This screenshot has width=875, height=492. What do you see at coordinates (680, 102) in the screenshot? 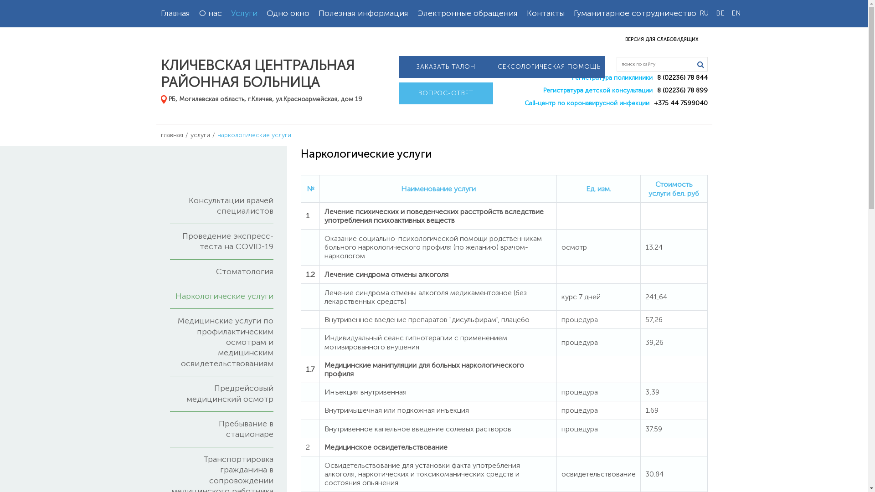
I see `'+375 44 7599040'` at bounding box center [680, 102].